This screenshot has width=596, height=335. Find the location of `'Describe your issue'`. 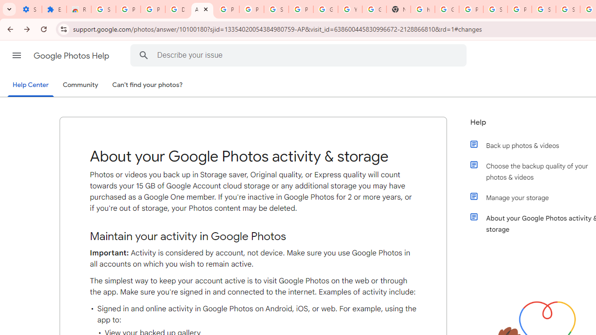

'Describe your issue' is located at coordinates (300, 55).